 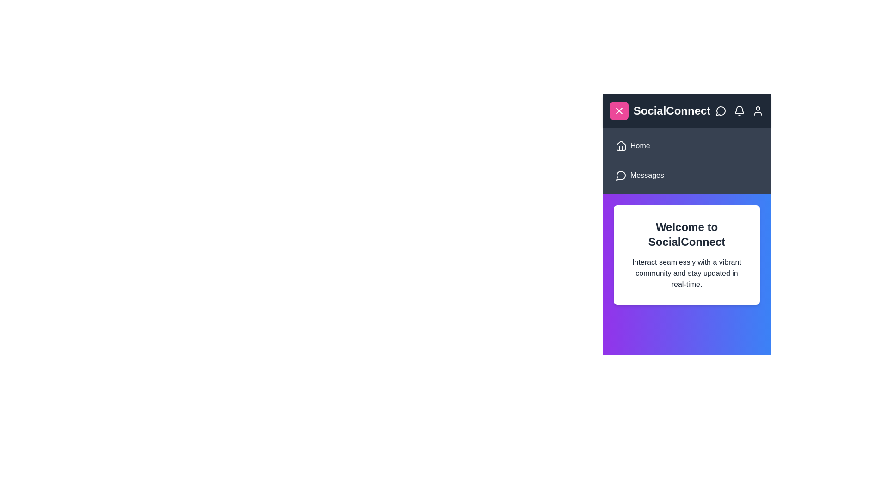 What do you see at coordinates (619, 110) in the screenshot?
I see `button in the top-left corner of the header to toggle the menu visibility` at bounding box center [619, 110].